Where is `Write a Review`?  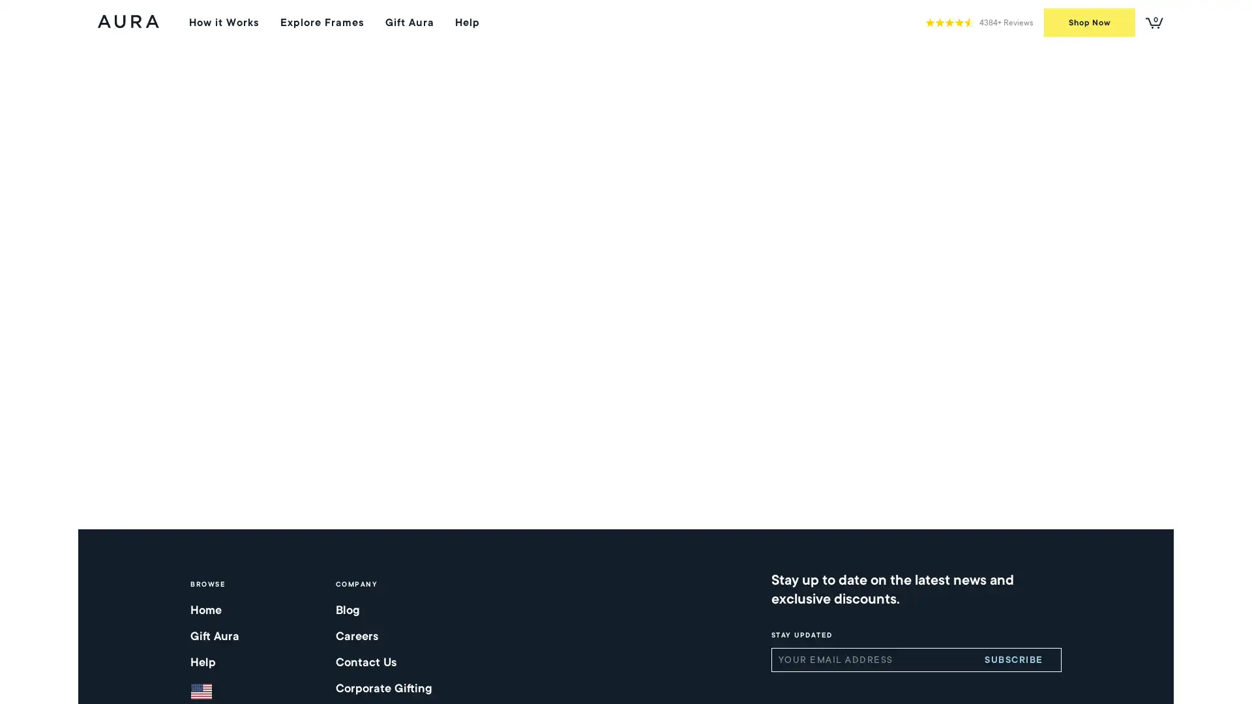 Write a Review is located at coordinates (955, 183).